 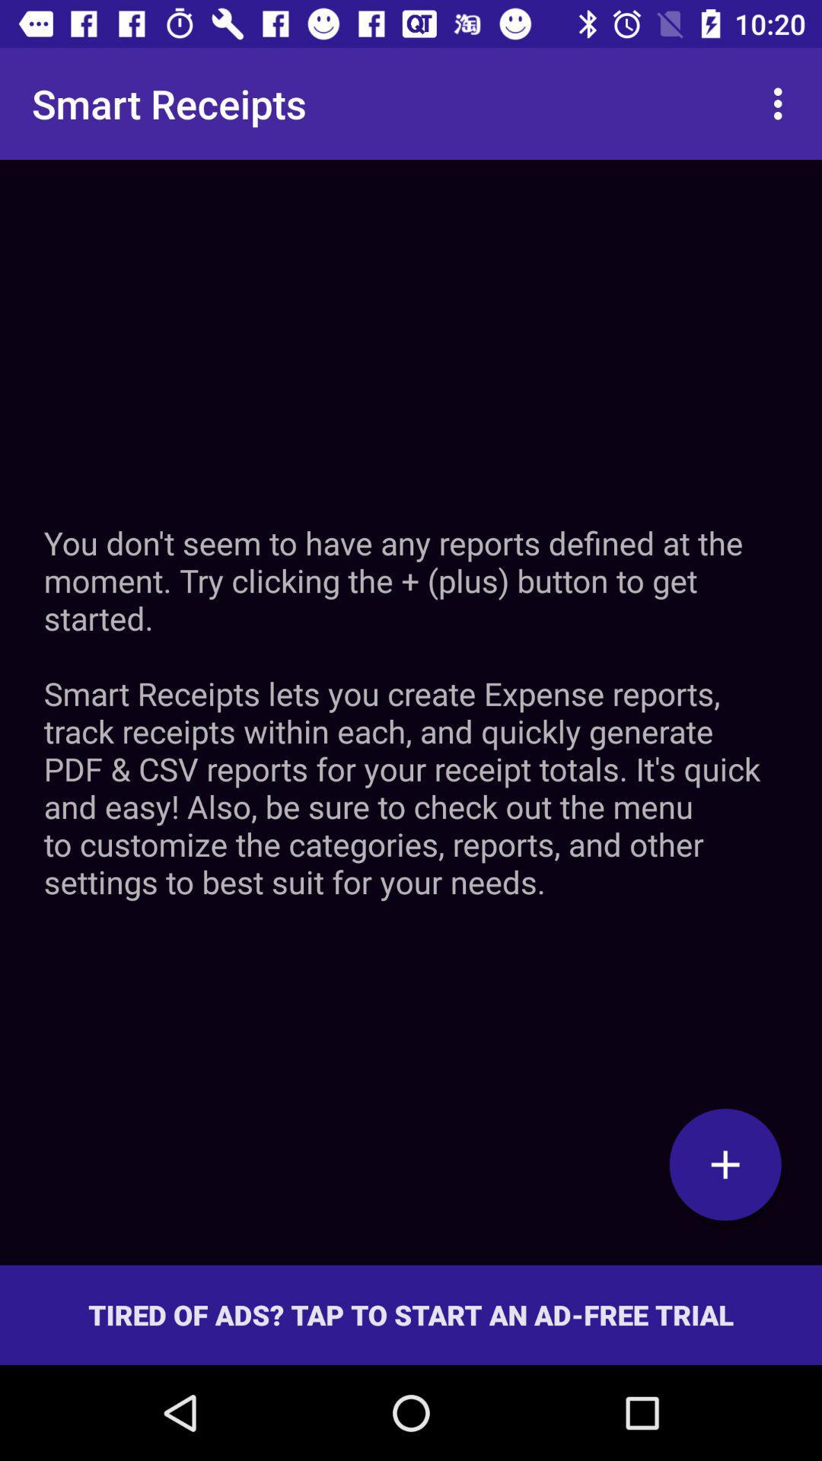 What do you see at coordinates (411, 1314) in the screenshot?
I see `the tired of ads` at bounding box center [411, 1314].